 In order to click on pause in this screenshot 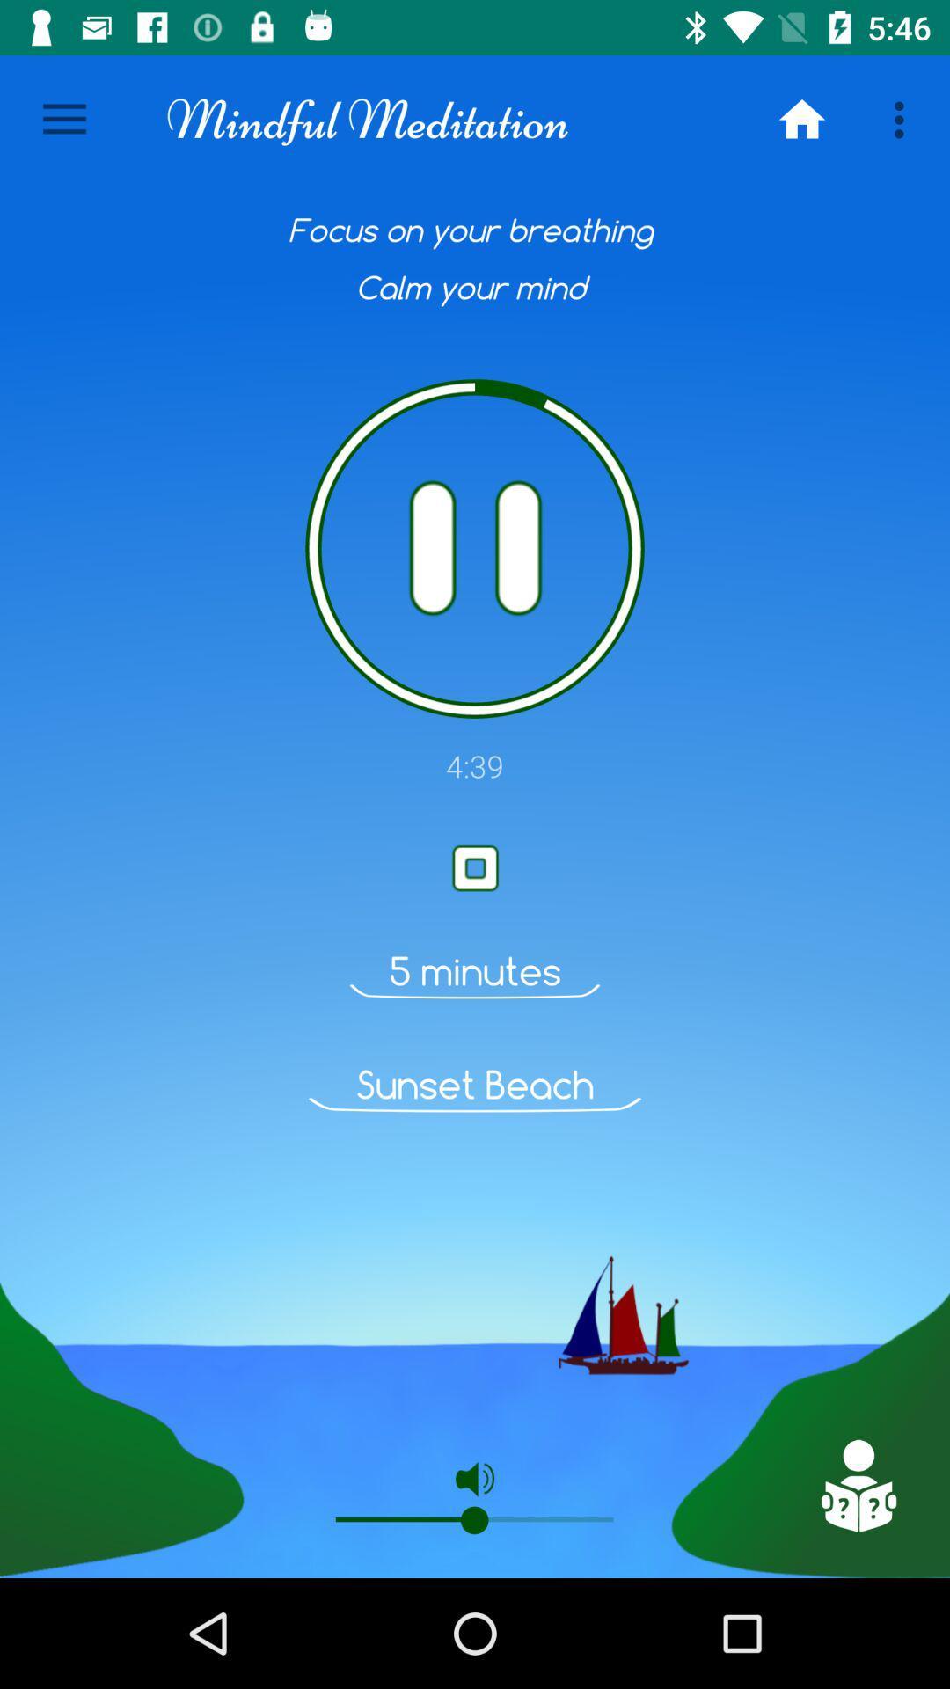, I will do `click(475, 548)`.